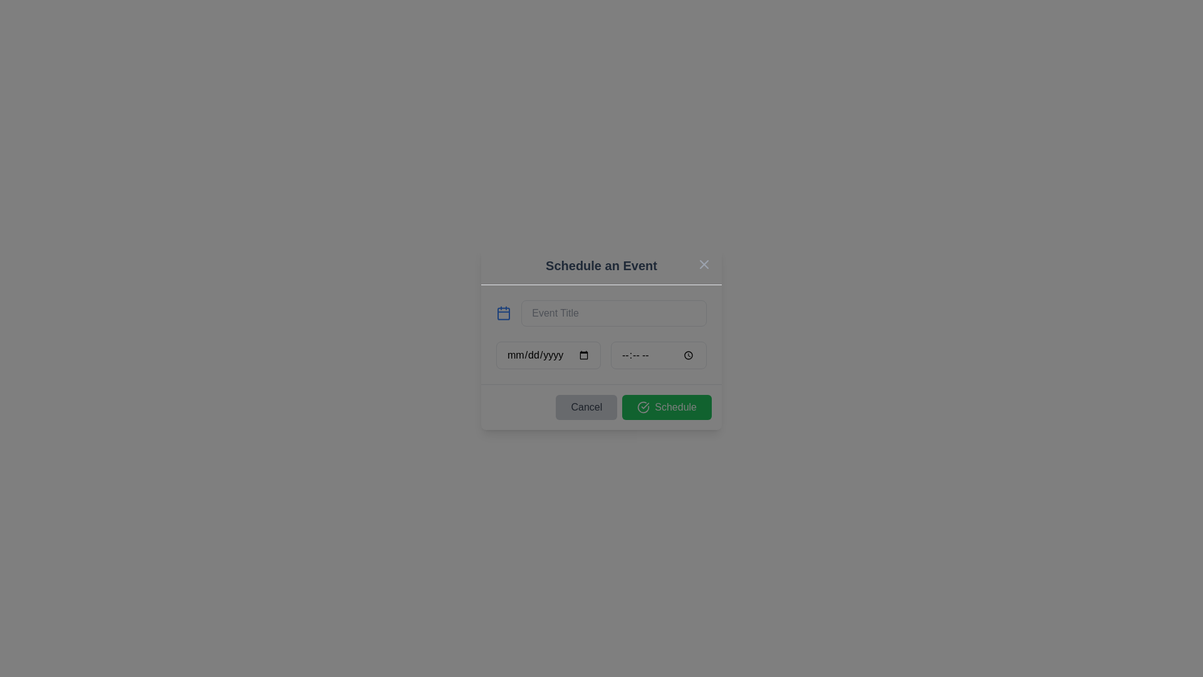  I want to click on the confirm button located at the bottom-right corner of the 'Schedule an Event' modal dialog, so click(666, 407).